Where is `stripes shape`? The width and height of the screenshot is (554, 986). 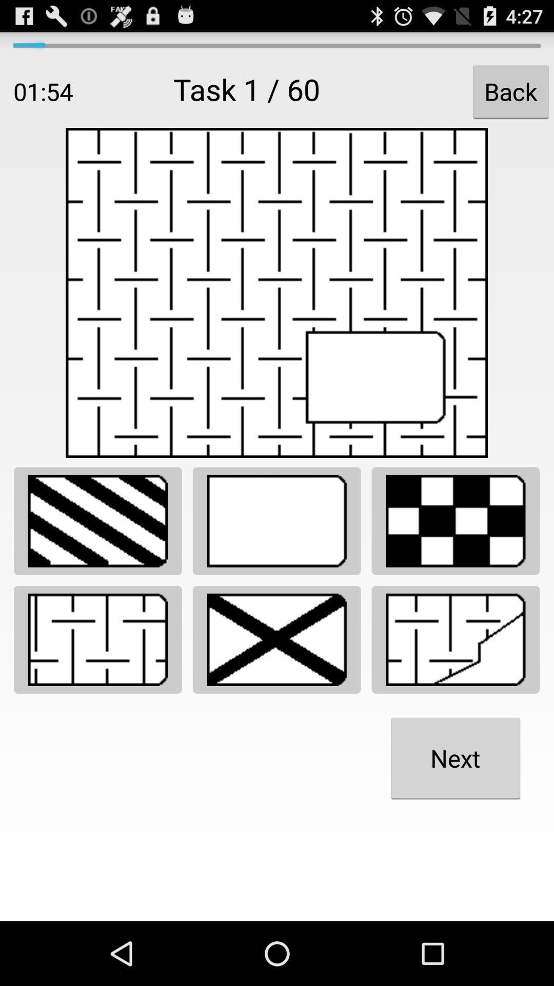 stripes shape is located at coordinates (97, 521).